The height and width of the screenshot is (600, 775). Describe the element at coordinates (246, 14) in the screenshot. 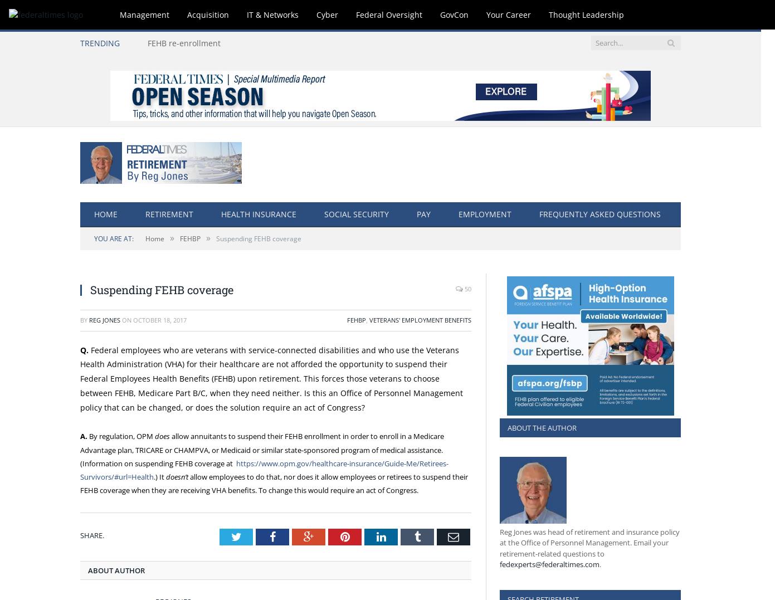

I see `'IT & Networks'` at that location.